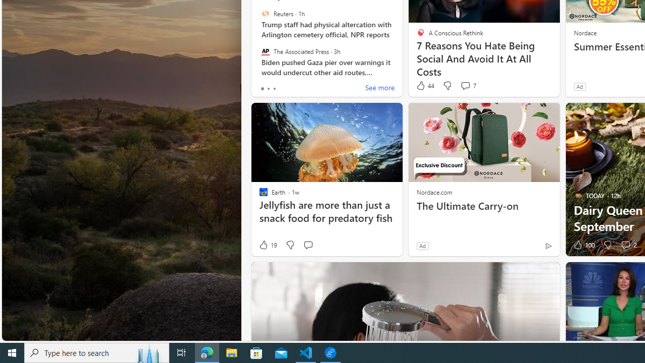 This screenshot has height=363, width=645. I want to click on 'Start the conversation', so click(307, 245).